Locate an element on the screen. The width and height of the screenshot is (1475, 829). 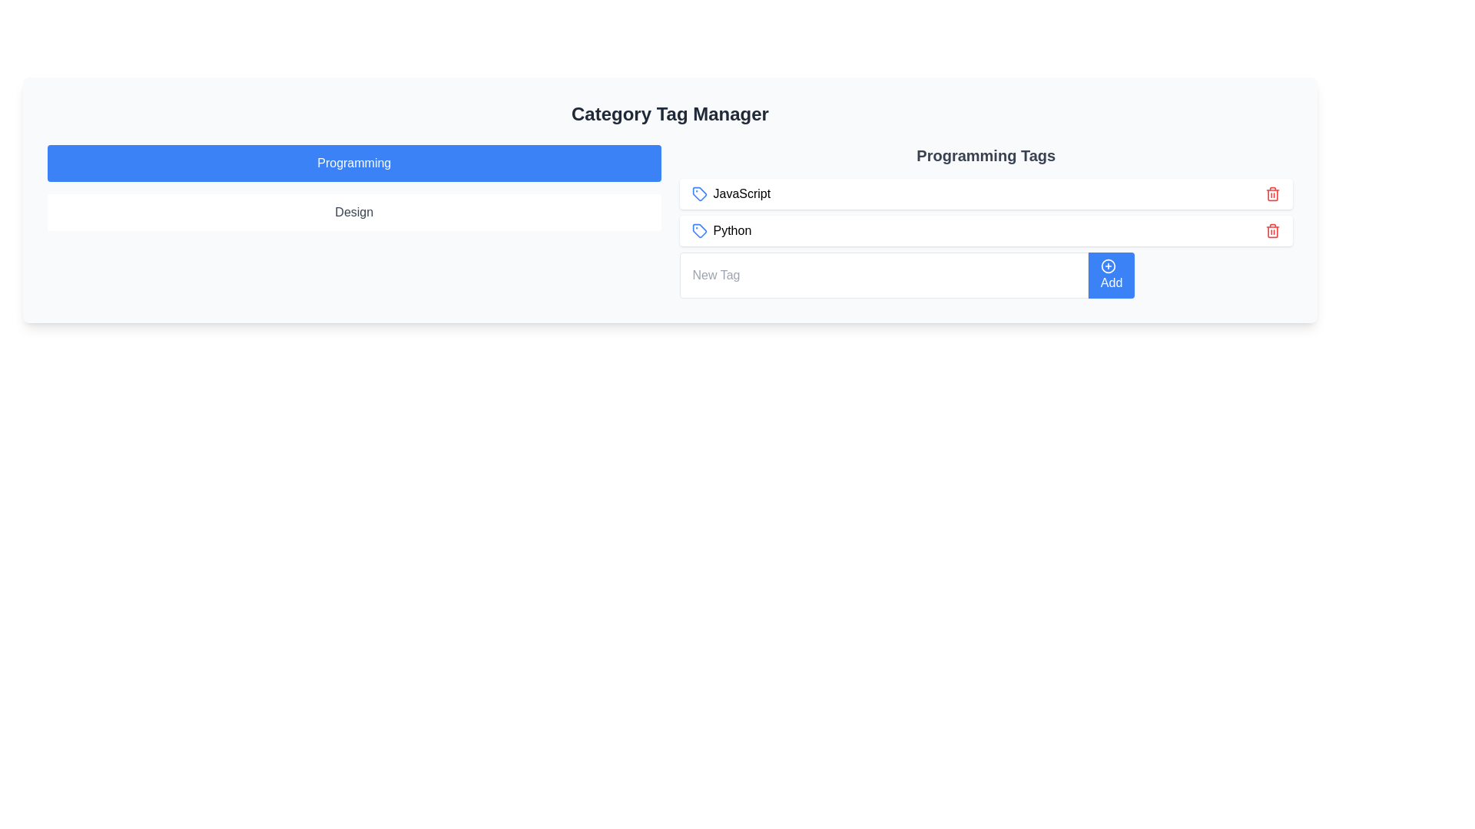
the second programming tag labeled 'Python' in the 'Programming Tags' section is located at coordinates (986, 230).